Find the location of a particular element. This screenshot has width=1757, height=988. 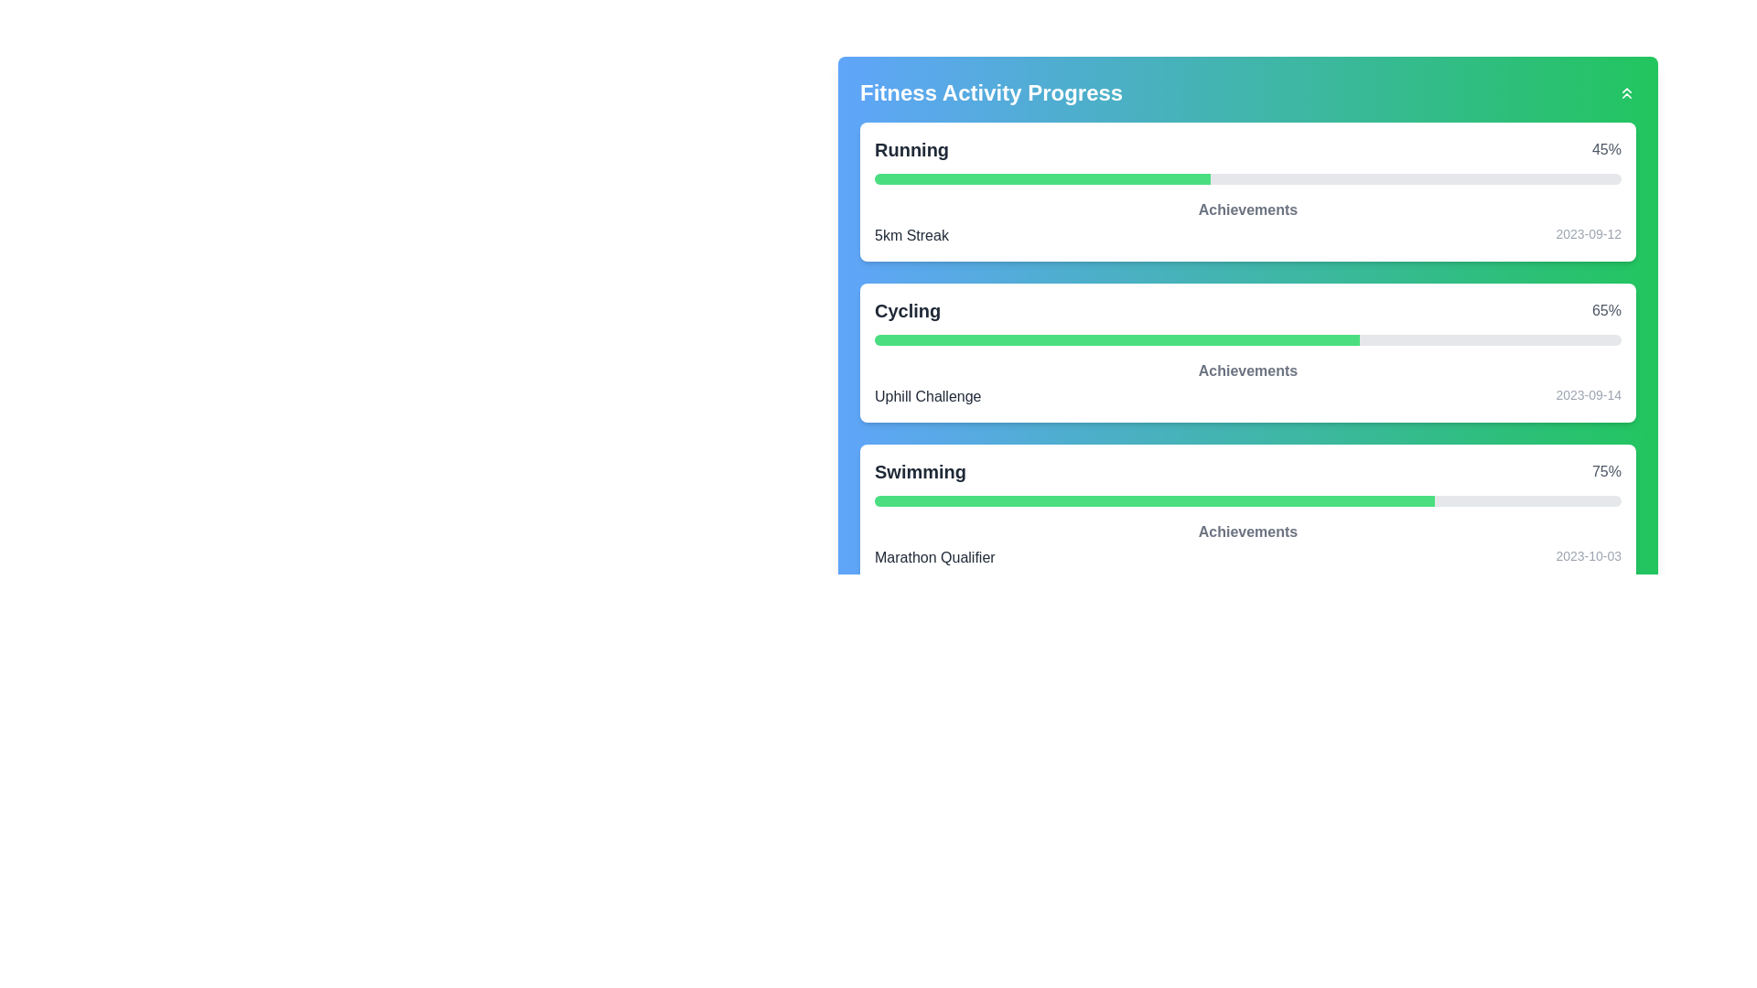

the text label located at the top left of the interface that serves as the title for the fitness activities progress tracker is located at coordinates (990, 92).